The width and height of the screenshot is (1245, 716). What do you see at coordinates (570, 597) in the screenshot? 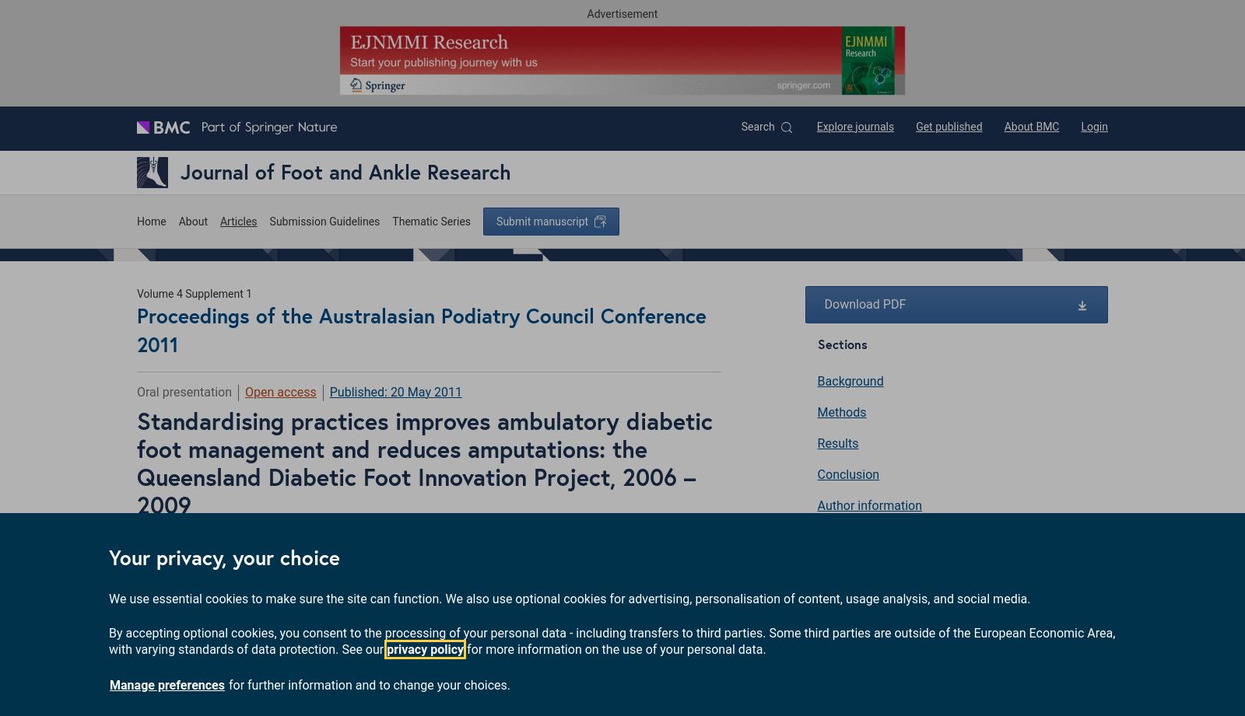
I see `'We use essential cookies to make sure the site can function. We also use optional cookies for advertising, personalisation of content, usage analysis, and social media.'` at bounding box center [570, 597].